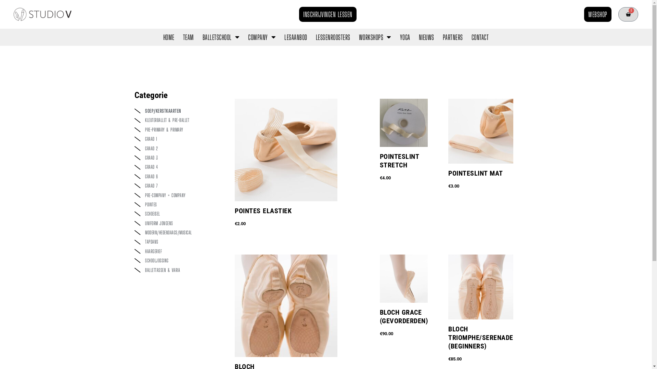 The height and width of the screenshot is (369, 657). What do you see at coordinates (628, 14) in the screenshot?
I see `'0` at bounding box center [628, 14].